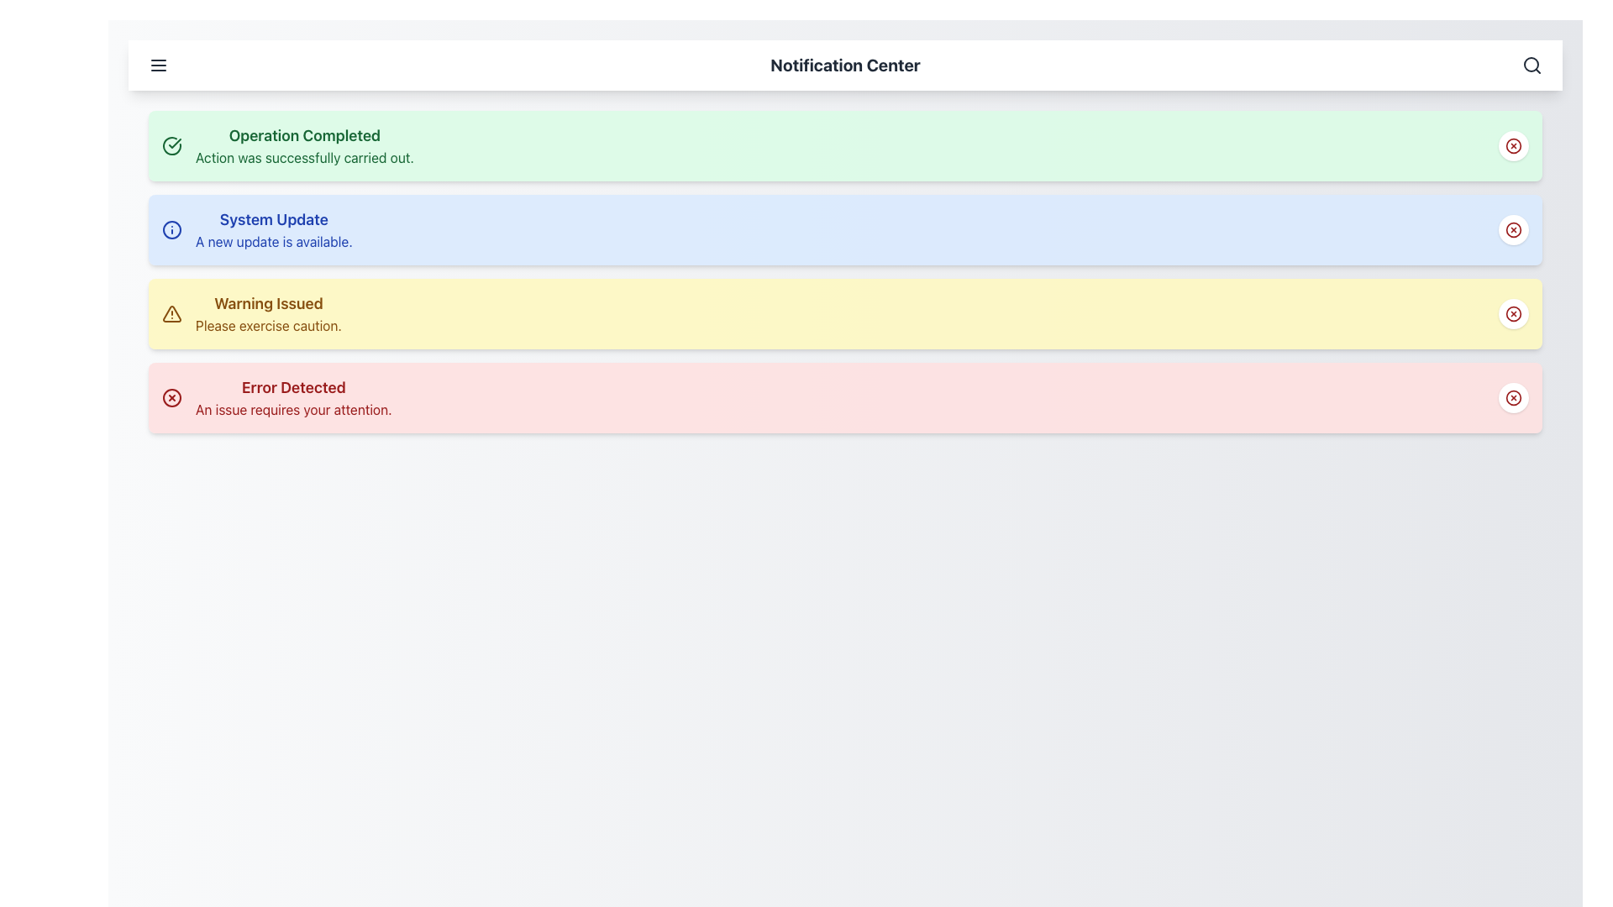  What do you see at coordinates (267, 314) in the screenshot?
I see `the informational notification text element that alerts users to exercise caution, located in the third row of notification cards between 'System Update' and 'Error Detected'` at bounding box center [267, 314].